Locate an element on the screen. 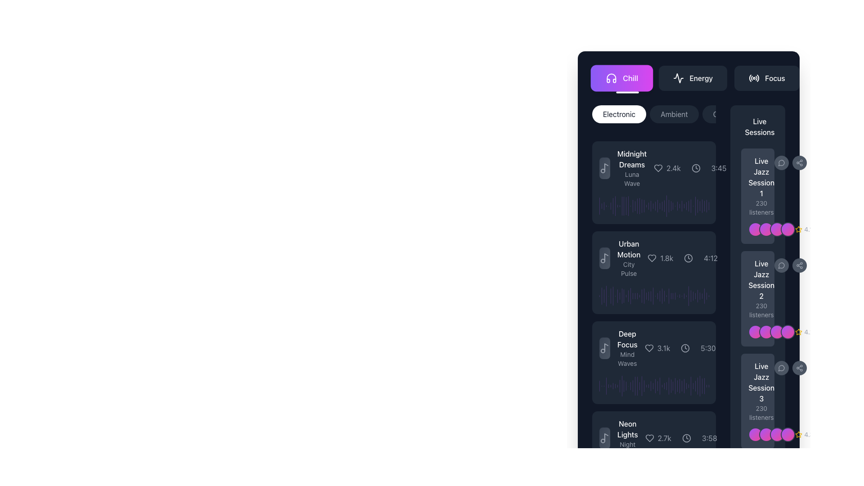  the Avatar group component consisting of two overlapping circular avatars with a vivid gradient, located in the 'Live Jazz Session 2 230 listeners' section, adjacent to a star icon labeled '4.2' is located at coordinates (757, 332).